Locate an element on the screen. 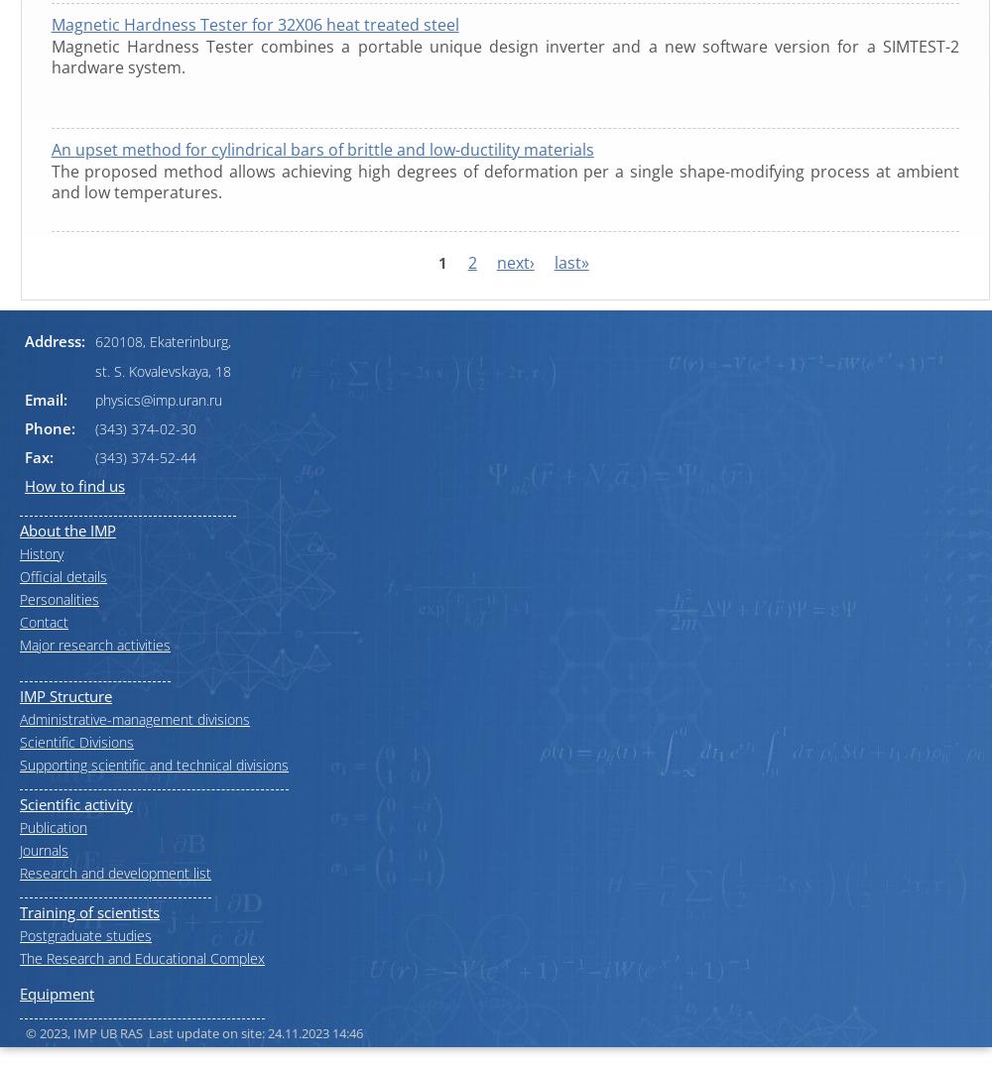 This screenshot has height=1068, width=992. 'st. S. Kovalevskaya, 18' is located at coordinates (163, 369).